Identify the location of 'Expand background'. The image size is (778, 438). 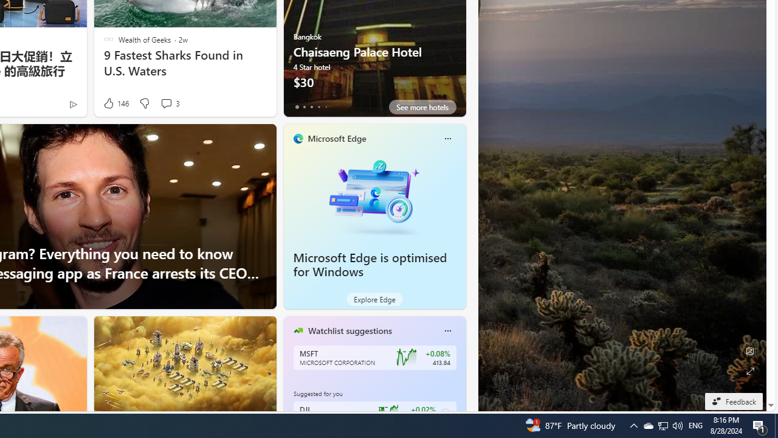
(749, 370).